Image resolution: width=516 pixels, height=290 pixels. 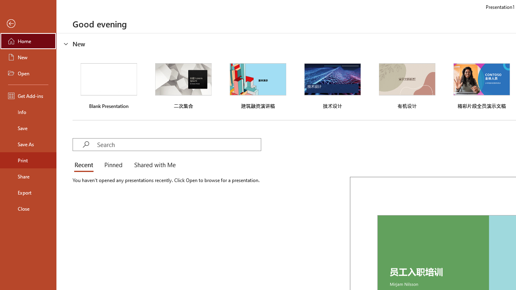 I want to click on 'Blank Presentation', so click(x=108, y=85).